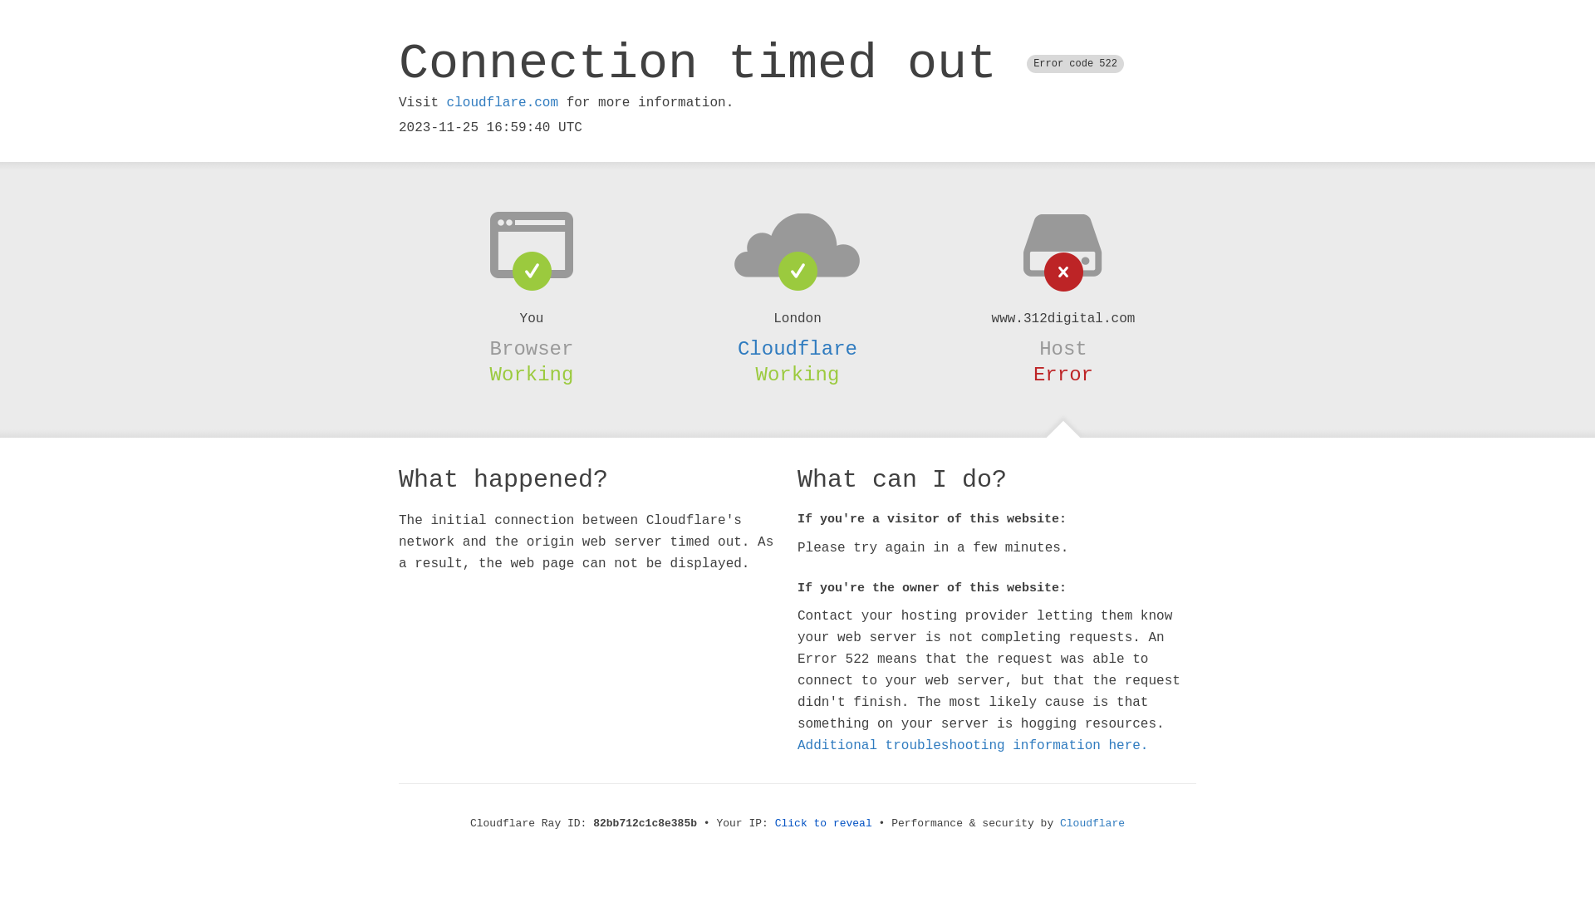 The width and height of the screenshot is (1595, 897). What do you see at coordinates (773, 823) in the screenshot?
I see `'Click to reveal'` at bounding box center [773, 823].